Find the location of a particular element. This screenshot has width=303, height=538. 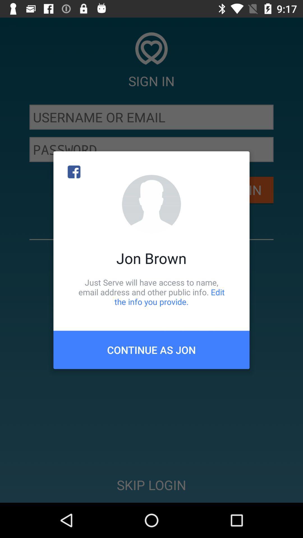

the icon above the continue as jon icon is located at coordinates (151, 292).